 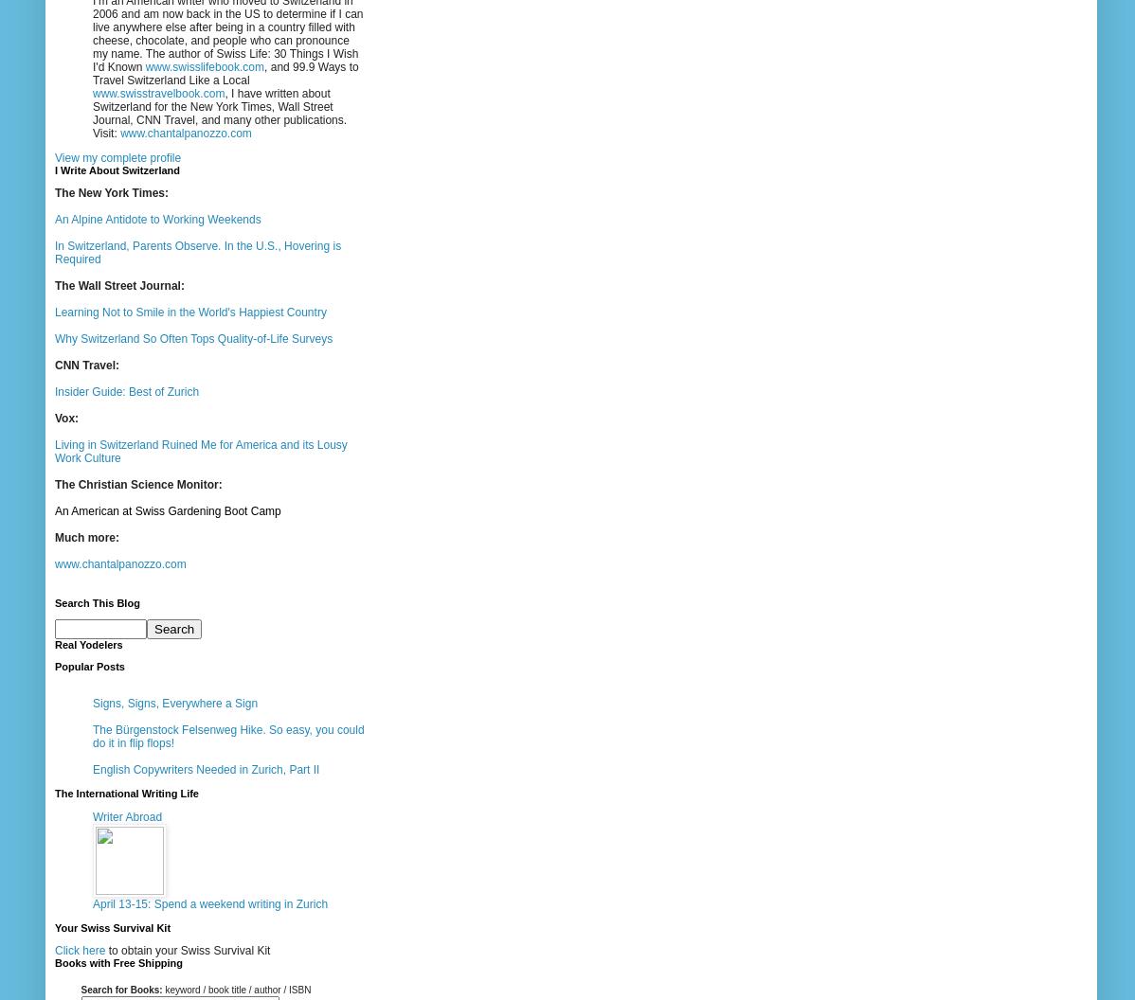 What do you see at coordinates (54, 286) in the screenshot?
I see `'The Wall Street Journal:'` at bounding box center [54, 286].